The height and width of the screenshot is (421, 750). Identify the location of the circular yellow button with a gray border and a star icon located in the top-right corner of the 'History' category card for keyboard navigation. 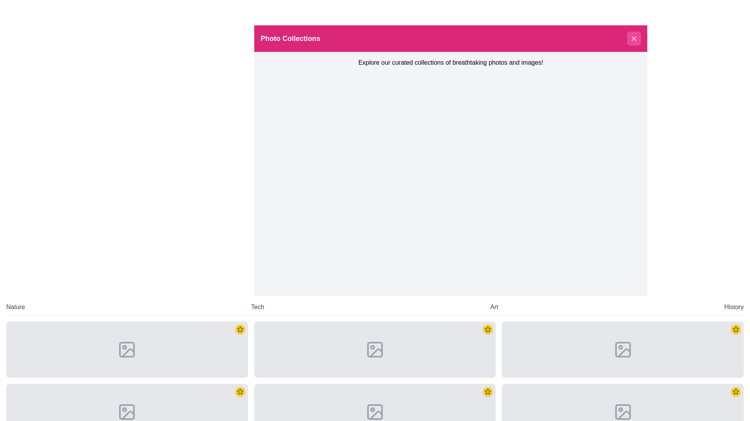
(735, 329).